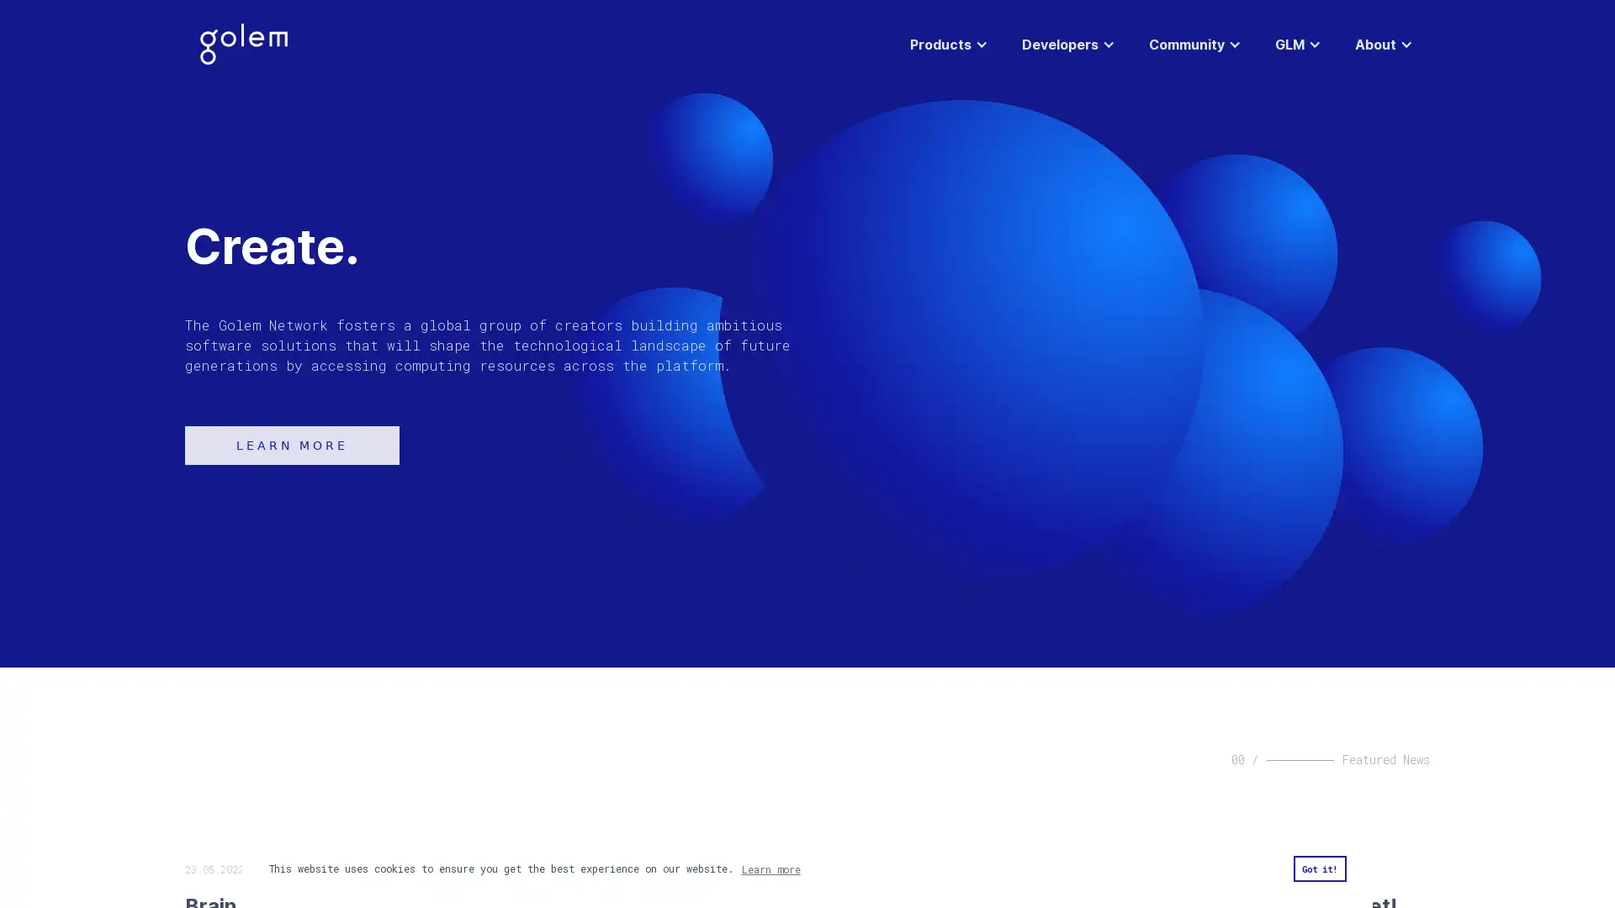  Describe the element at coordinates (770, 868) in the screenshot. I see `learn more about cookies` at that location.